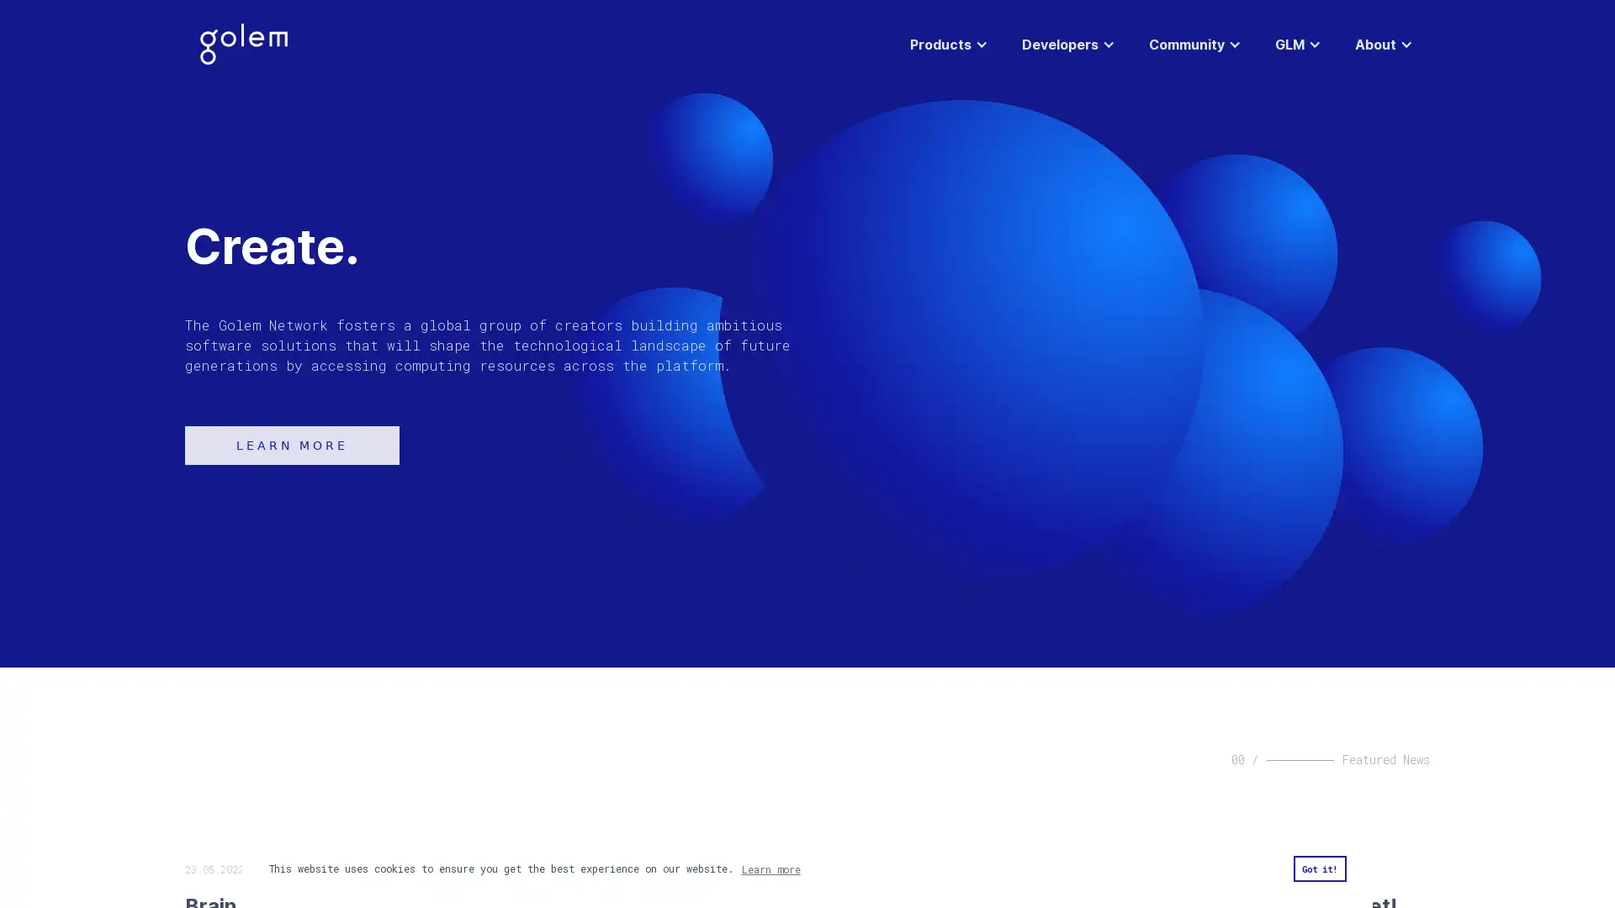  Describe the element at coordinates (770, 868) in the screenshot. I see `learn more about cookies` at that location.